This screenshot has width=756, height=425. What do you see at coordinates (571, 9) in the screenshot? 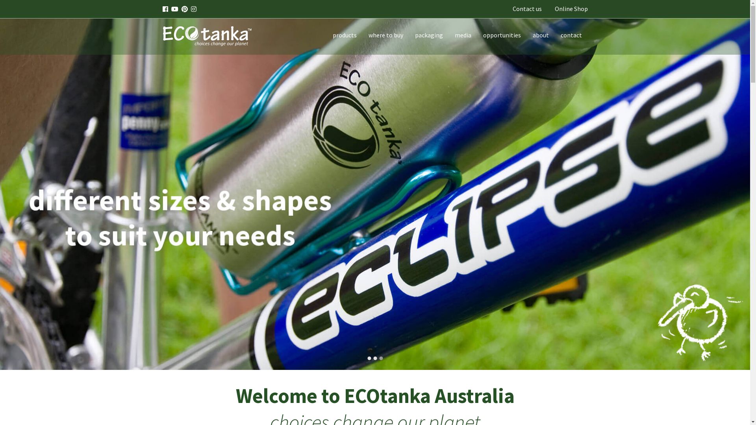
I see `'Online Shop'` at bounding box center [571, 9].